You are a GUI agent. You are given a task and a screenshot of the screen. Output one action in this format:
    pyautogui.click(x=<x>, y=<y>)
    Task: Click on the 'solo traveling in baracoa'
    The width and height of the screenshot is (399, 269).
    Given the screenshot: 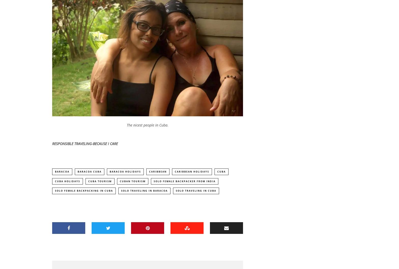 What is the action you would take?
    pyautogui.click(x=144, y=192)
    